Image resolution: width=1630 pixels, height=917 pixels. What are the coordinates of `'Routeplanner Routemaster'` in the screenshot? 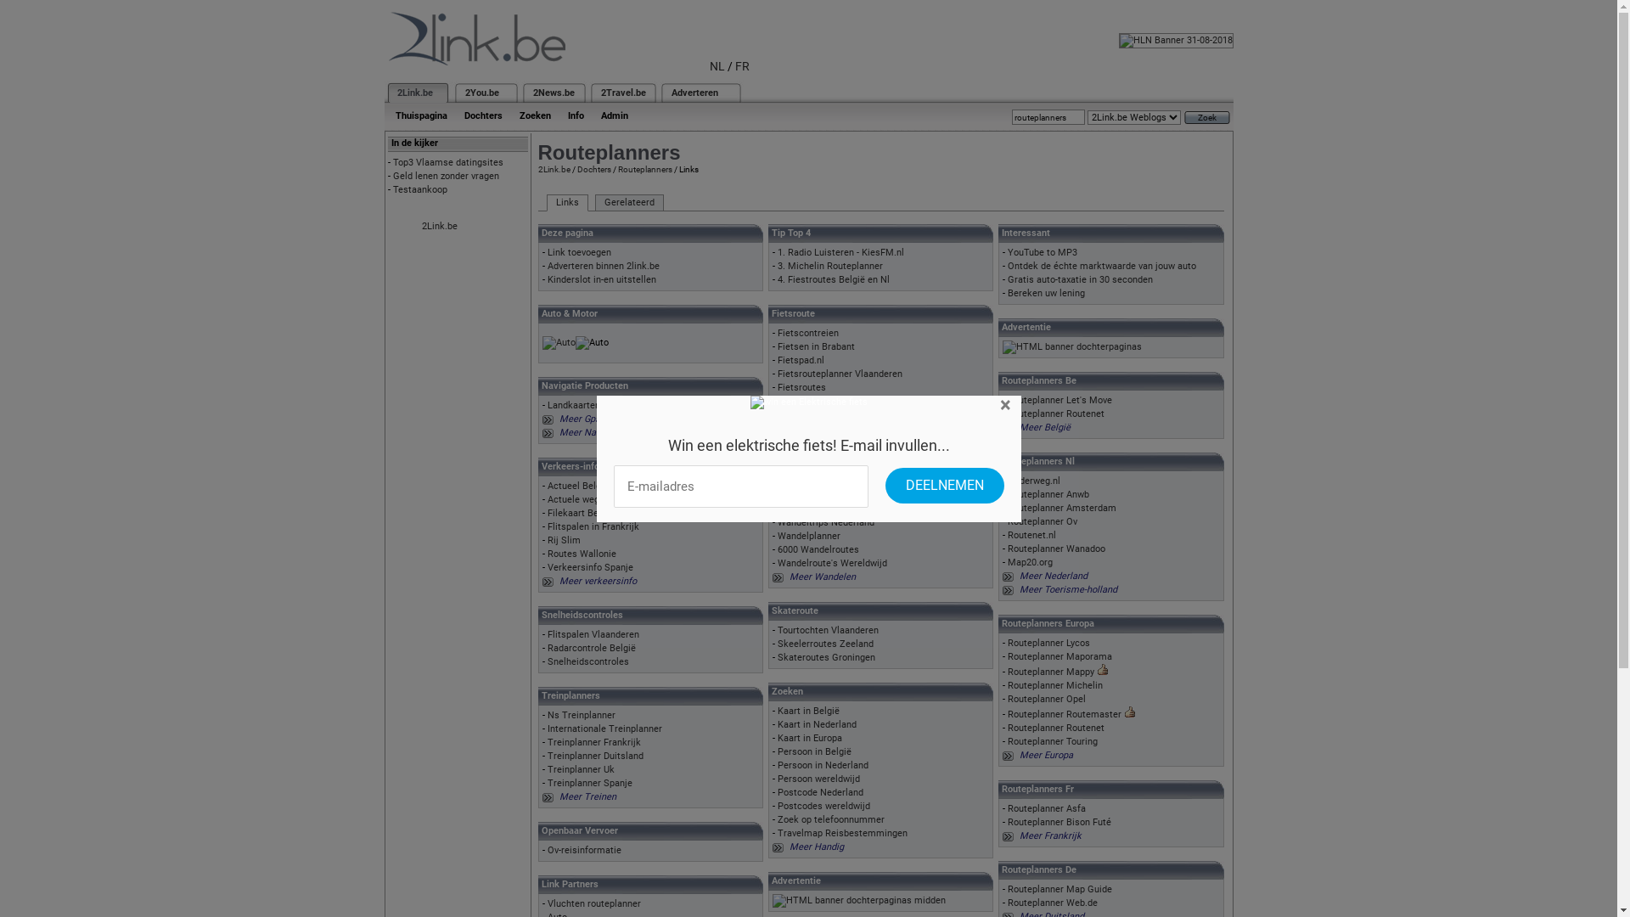 It's located at (1063, 714).